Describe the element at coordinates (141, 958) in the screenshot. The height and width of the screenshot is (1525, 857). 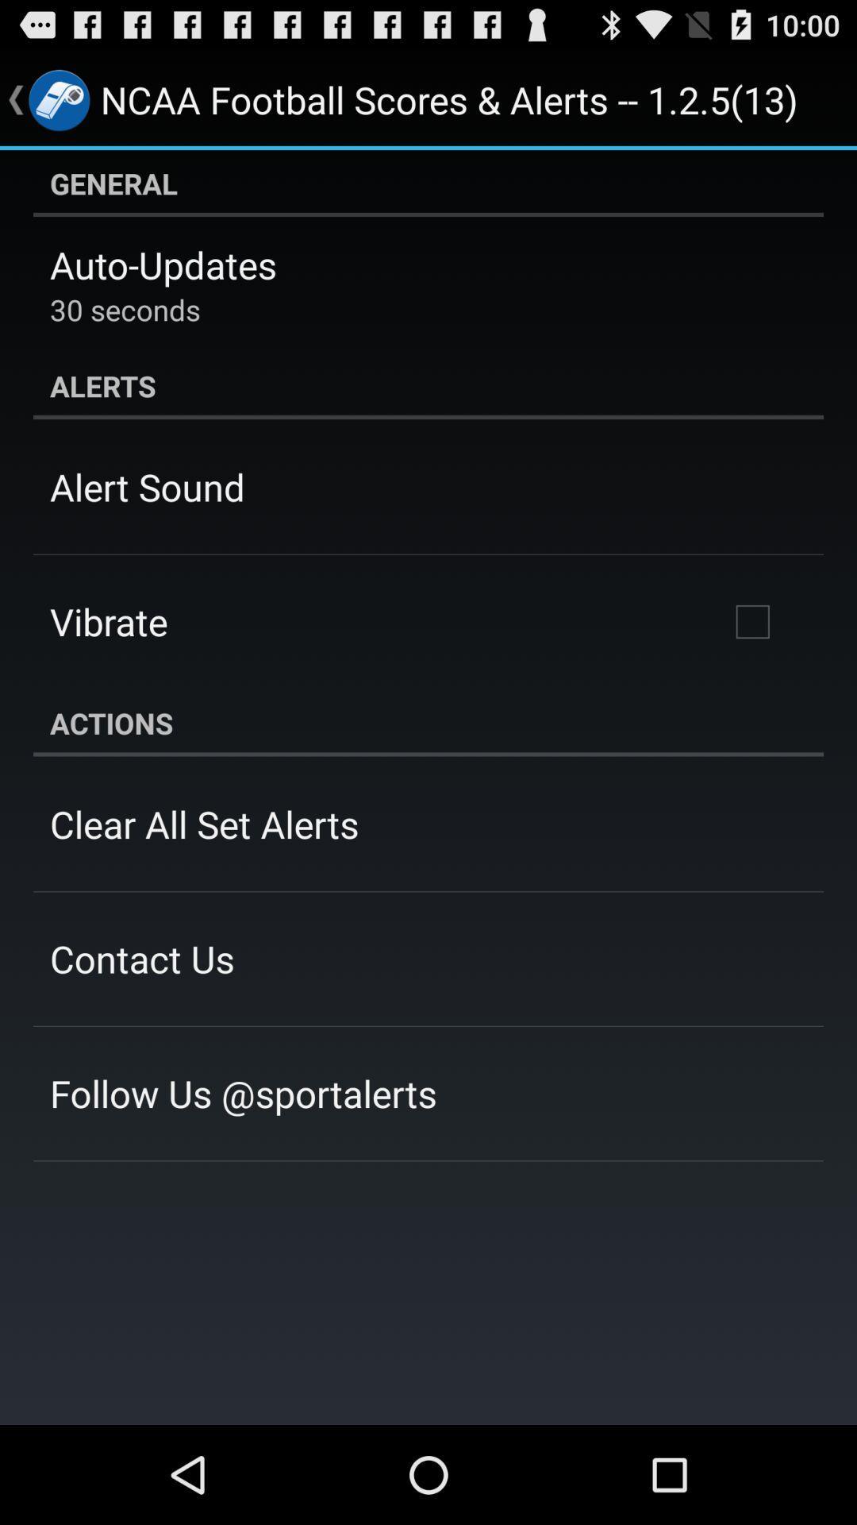
I see `the contact us app` at that location.